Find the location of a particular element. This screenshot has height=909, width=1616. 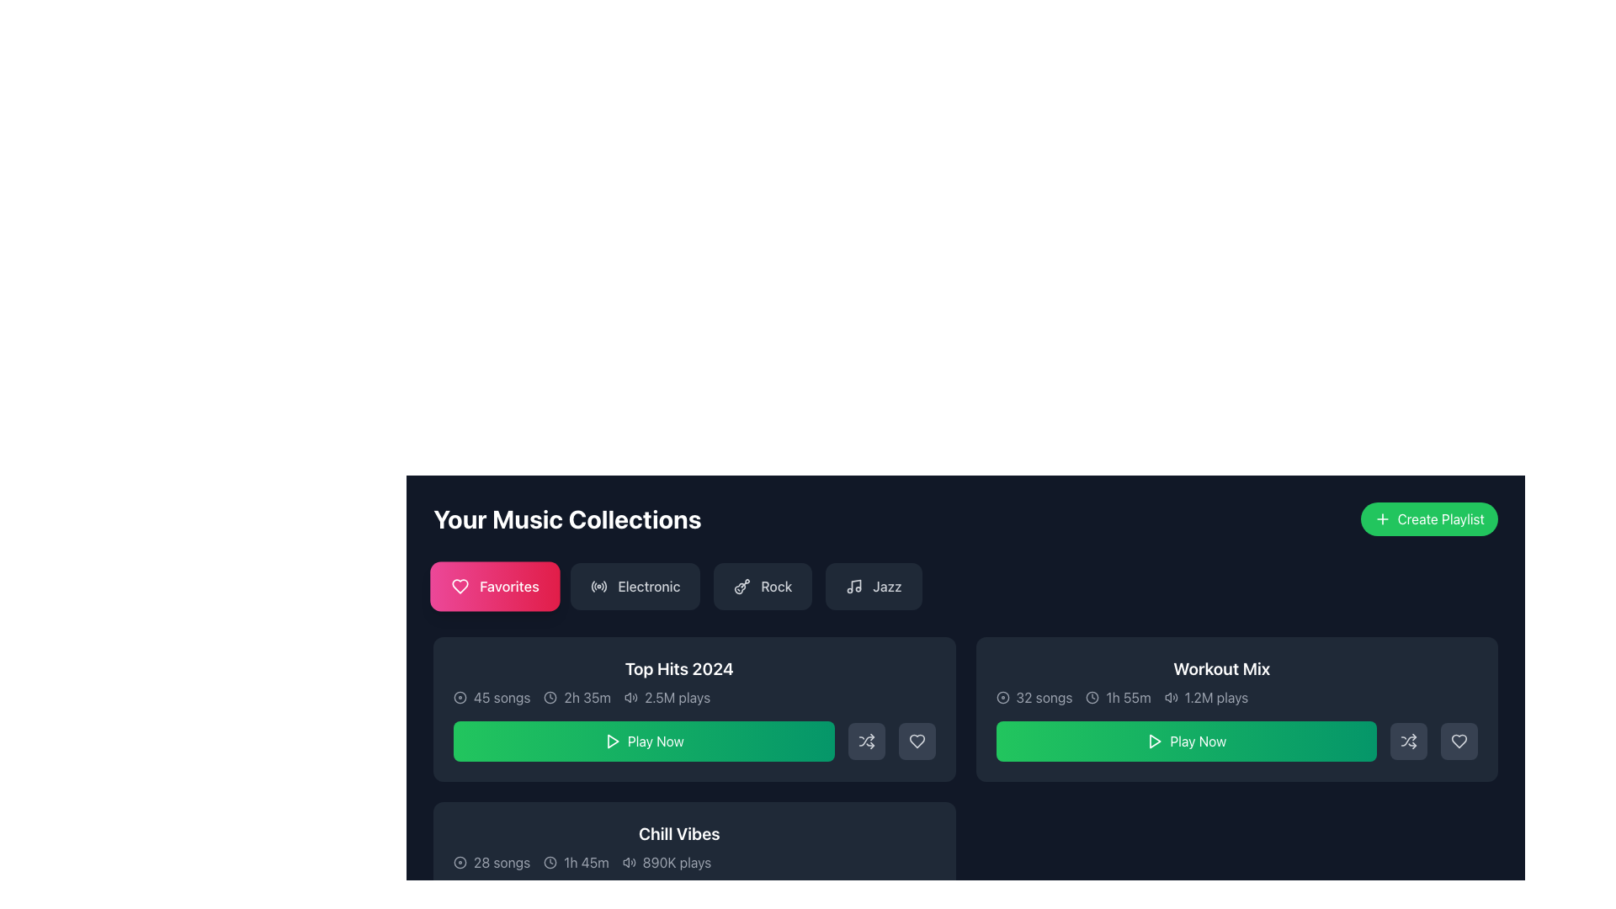

heading indicating the context of the user's music collections, positioned above the category filters and to the left of the 'Create Playlist' button is located at coordinates (567, 518).